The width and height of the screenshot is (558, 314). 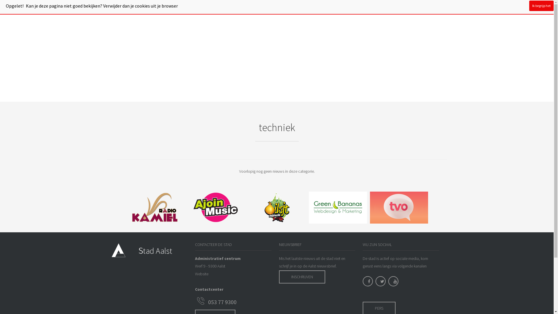 I want to click on 'Website', so click(x=202, y=274).